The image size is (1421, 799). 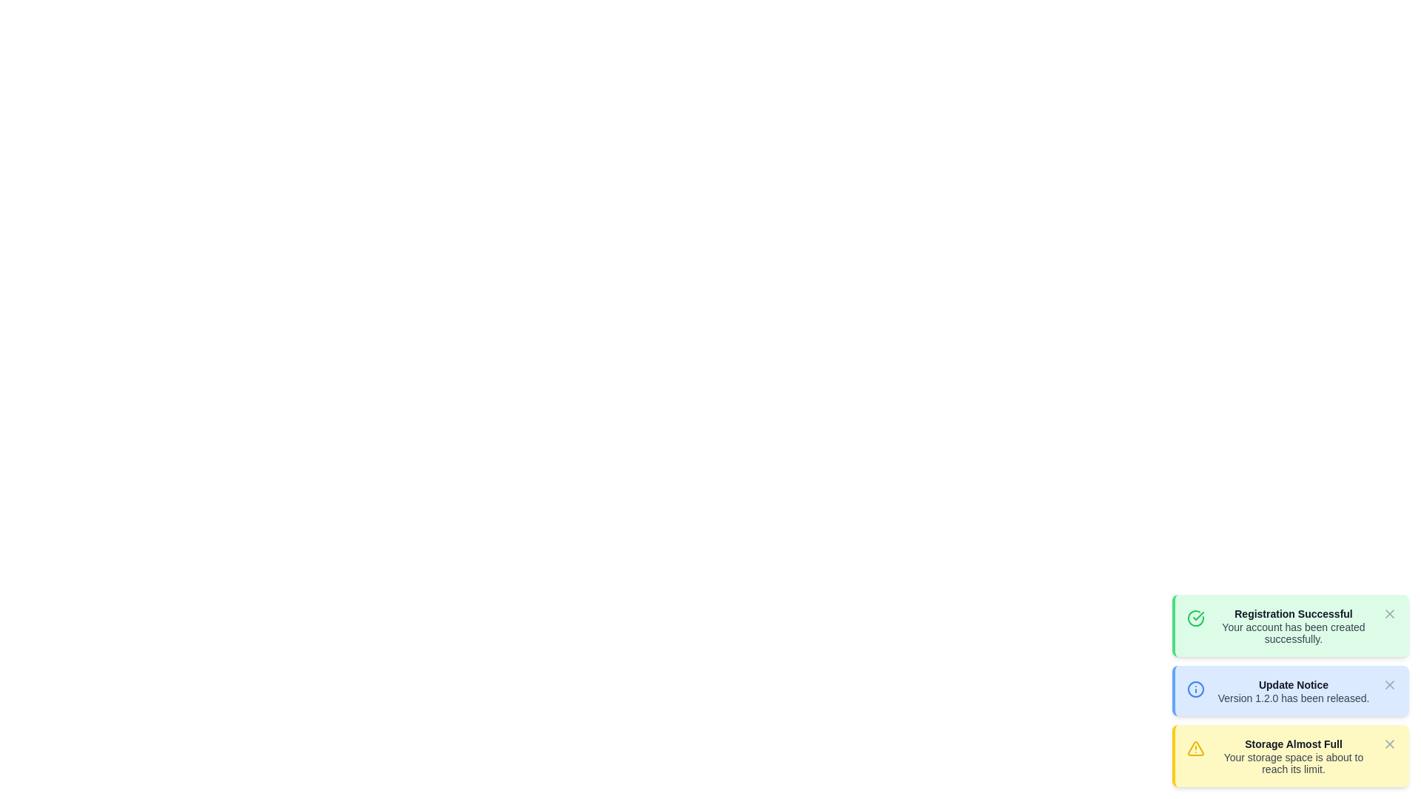 I want to click on the small 'X' icon button in the yellow notification box labeled 'Storage Almost Full', so click(x=1388, y=744).